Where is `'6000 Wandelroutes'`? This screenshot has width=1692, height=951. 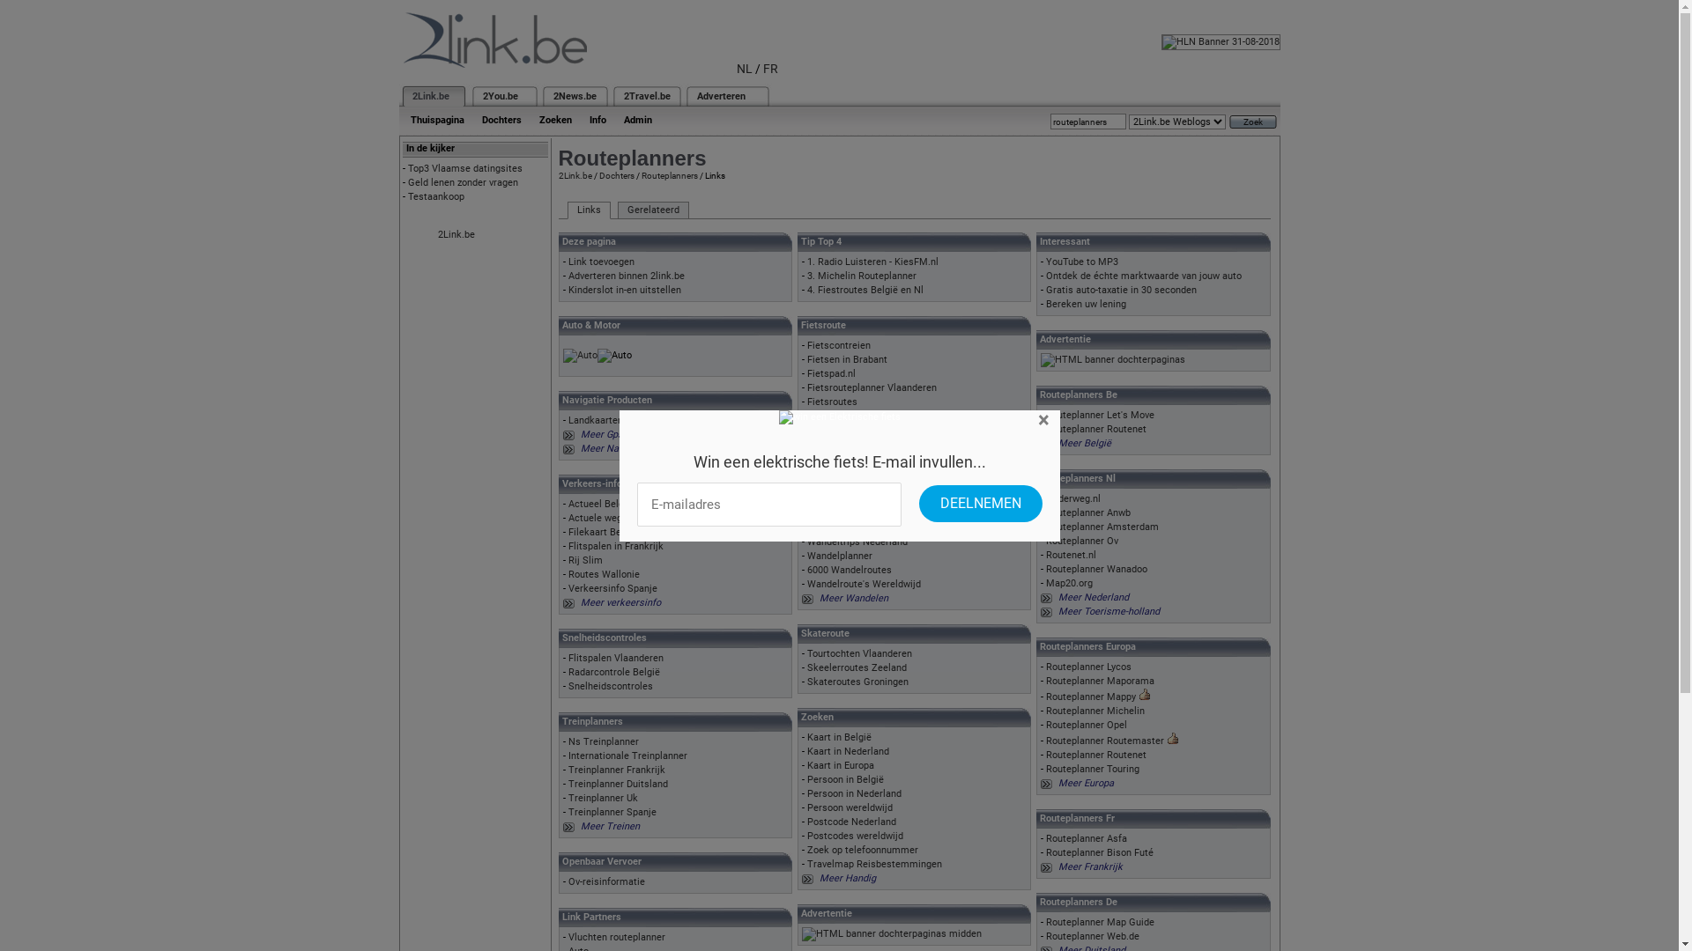 '6000 Wandelroutes' is located at coordinates (850, 570).